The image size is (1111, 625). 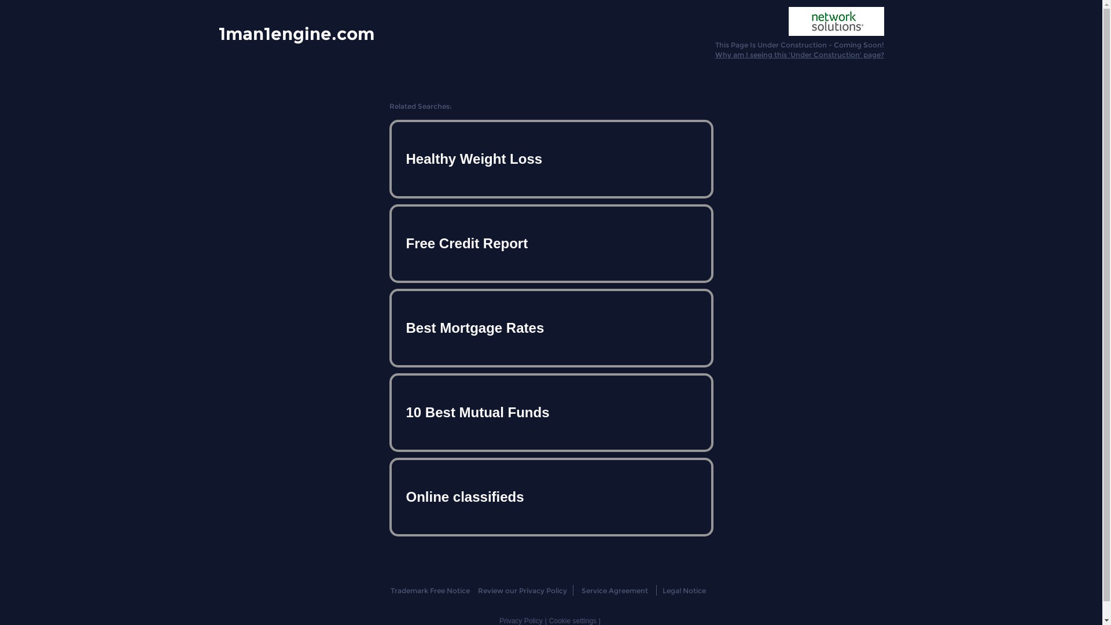 I want to click on 'Service Agreement', so click(x=614, y=590).